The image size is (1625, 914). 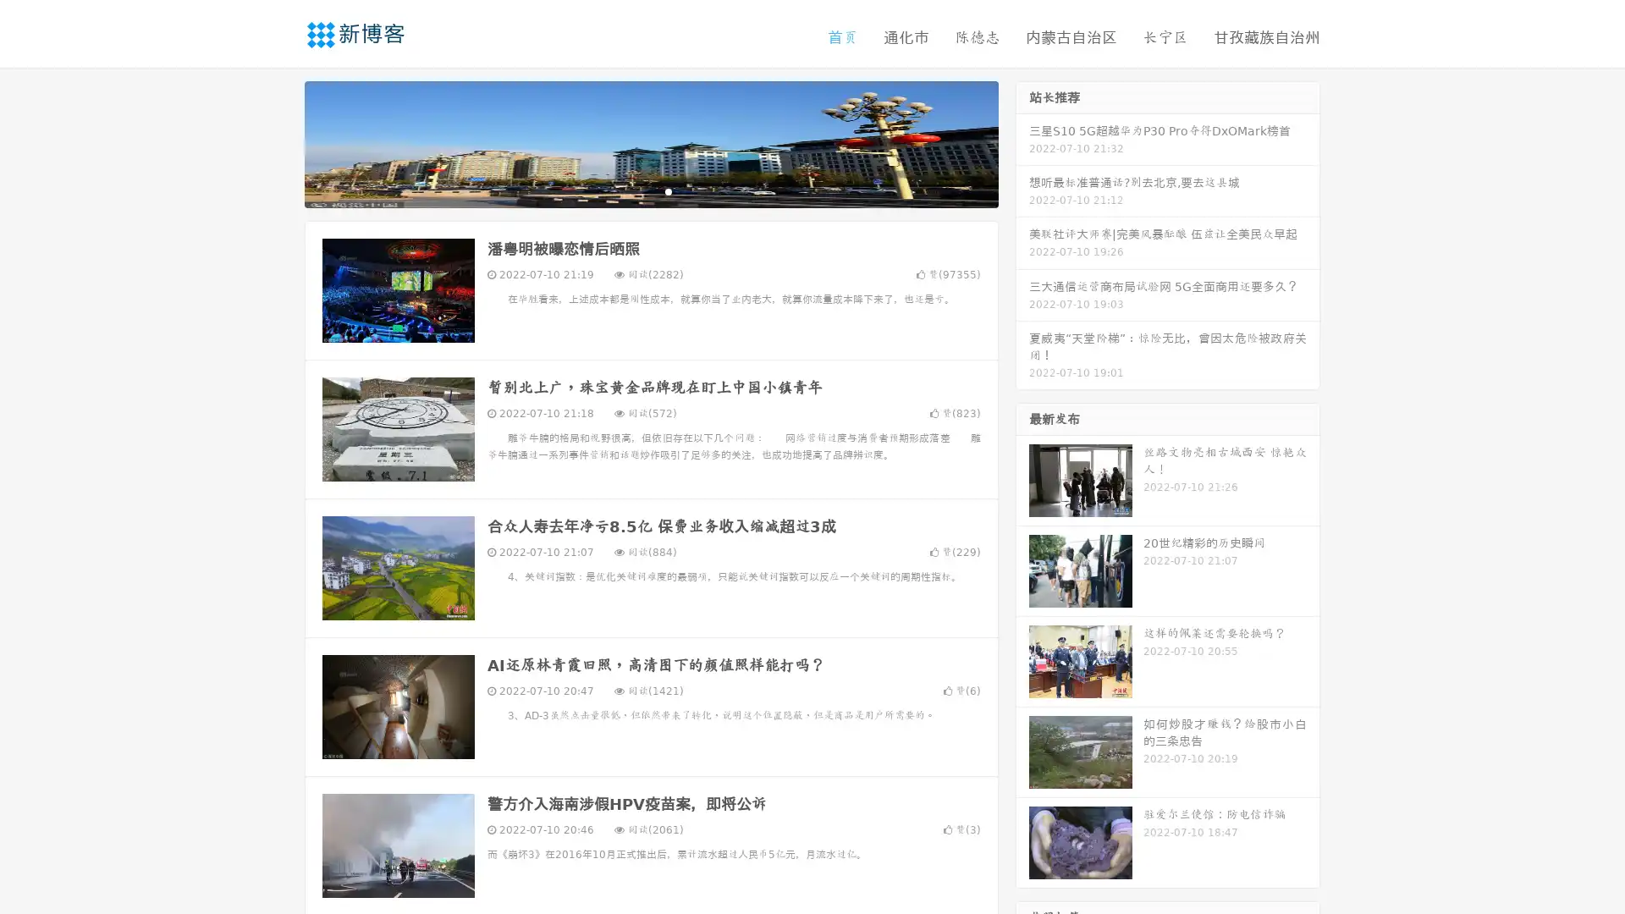 I want to click on Previous slide, so click(x=279, y=142).